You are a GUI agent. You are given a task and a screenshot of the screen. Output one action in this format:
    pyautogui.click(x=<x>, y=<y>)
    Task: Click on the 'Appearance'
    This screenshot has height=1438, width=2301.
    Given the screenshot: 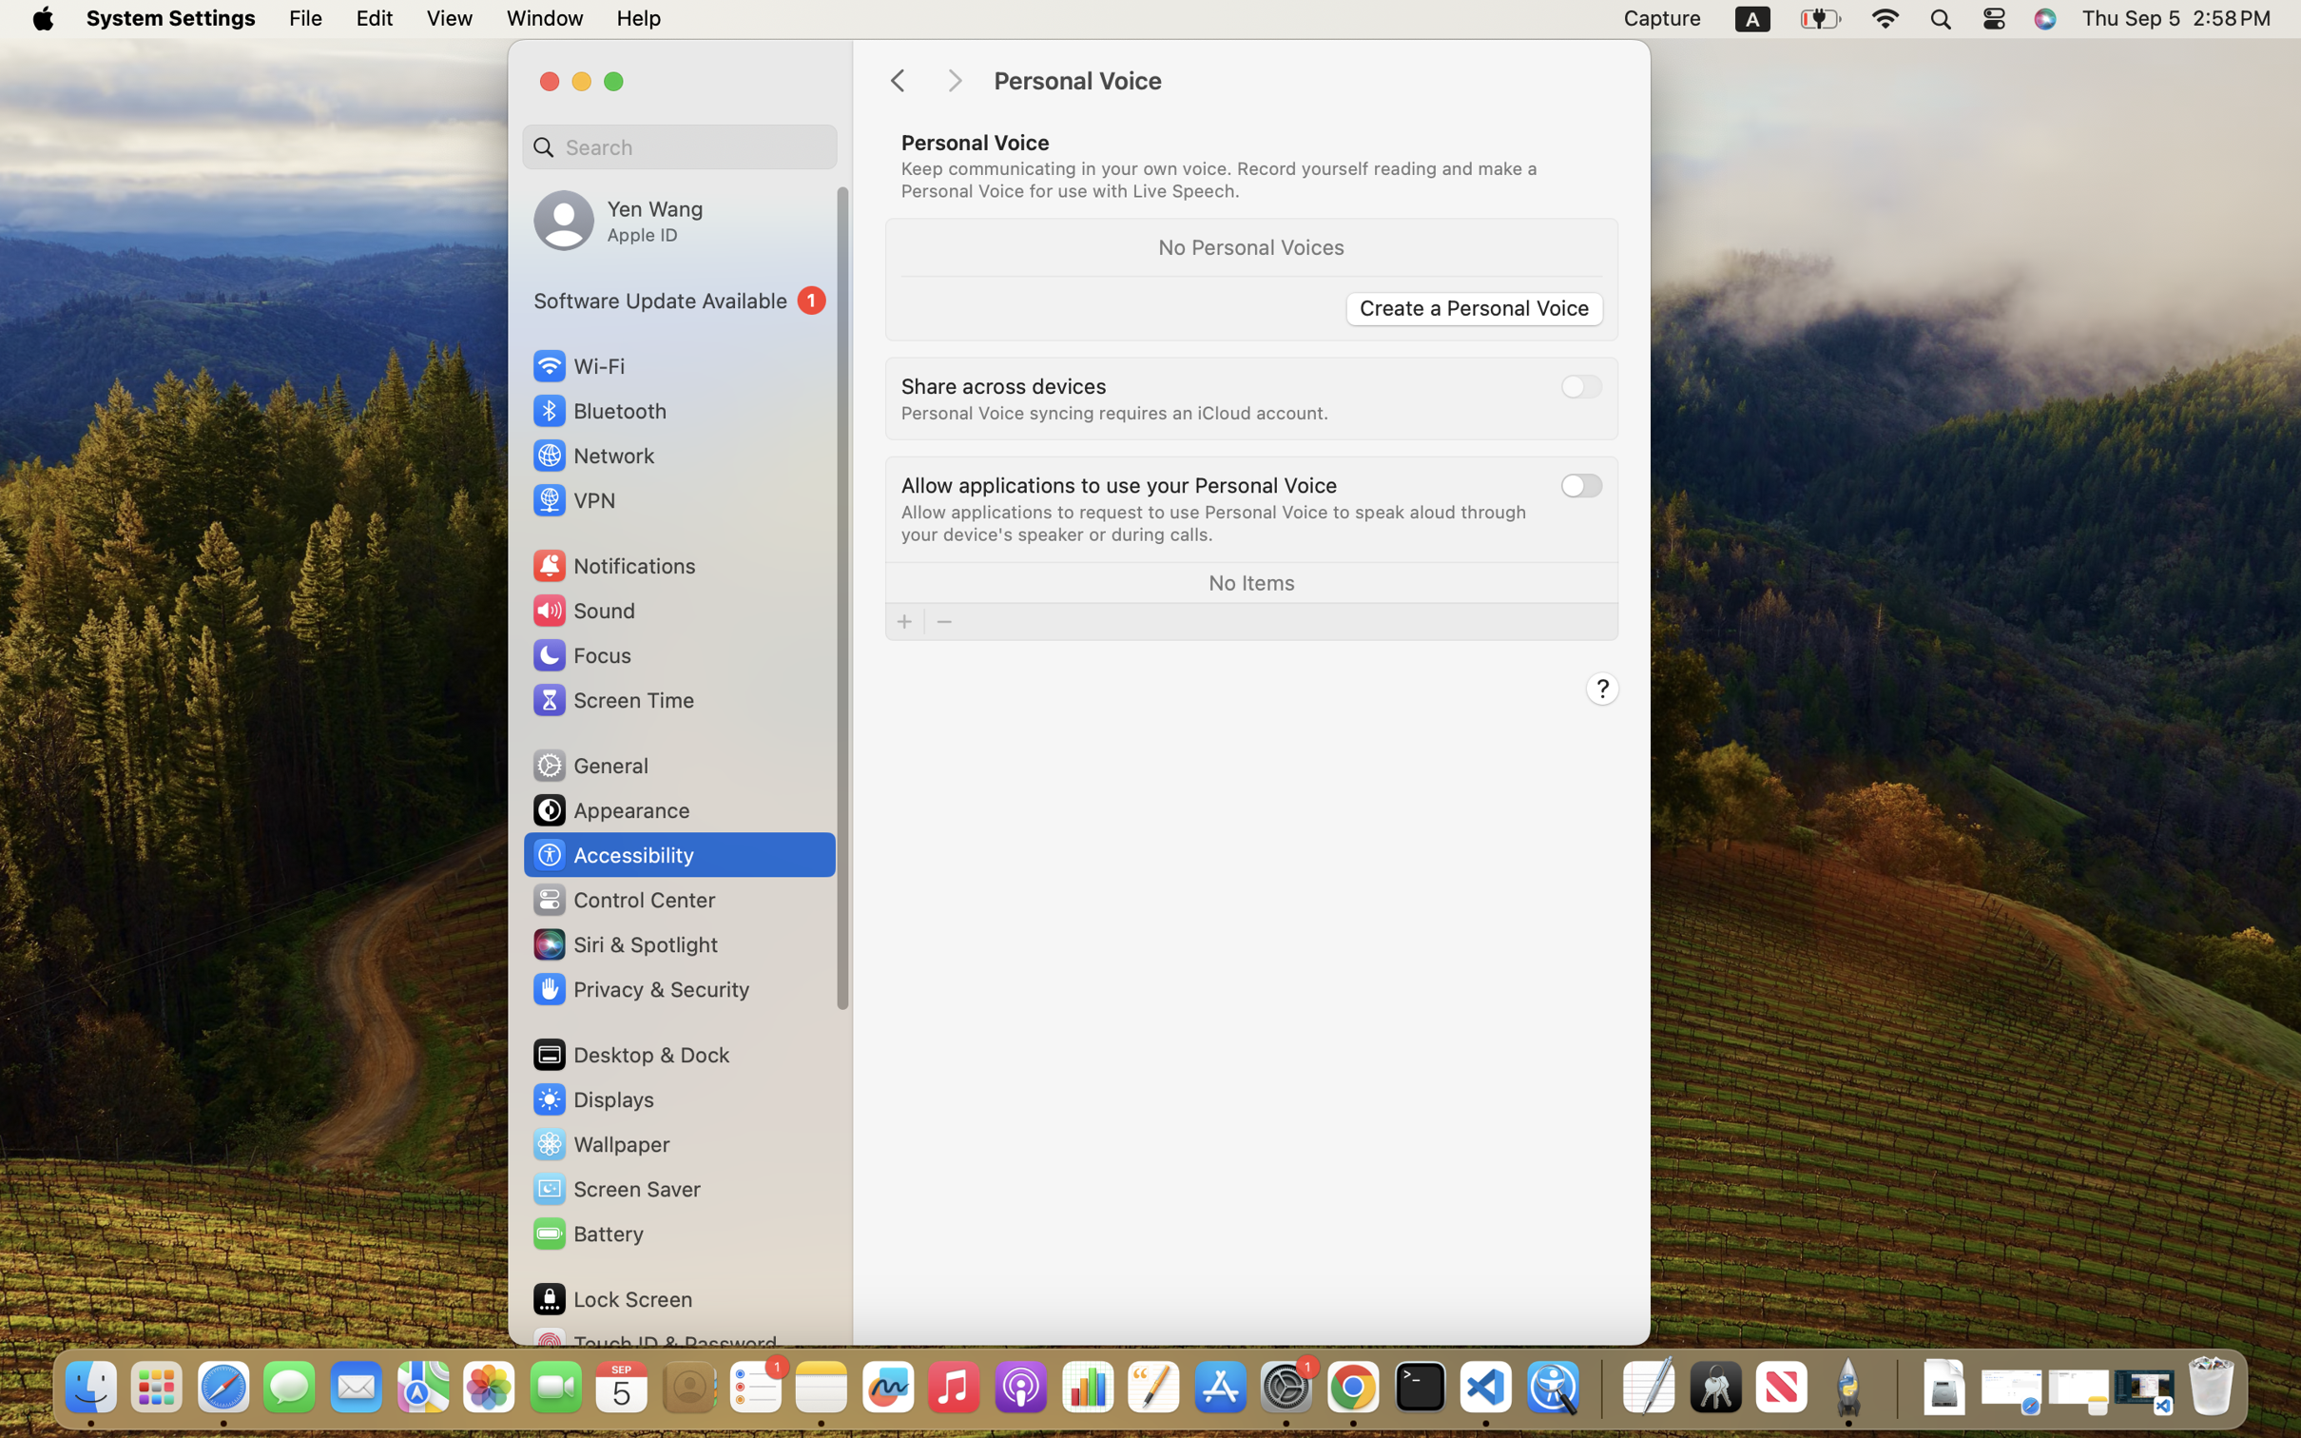 What is the action you would take?
    pyautogui.click(x=609, y=809)
    